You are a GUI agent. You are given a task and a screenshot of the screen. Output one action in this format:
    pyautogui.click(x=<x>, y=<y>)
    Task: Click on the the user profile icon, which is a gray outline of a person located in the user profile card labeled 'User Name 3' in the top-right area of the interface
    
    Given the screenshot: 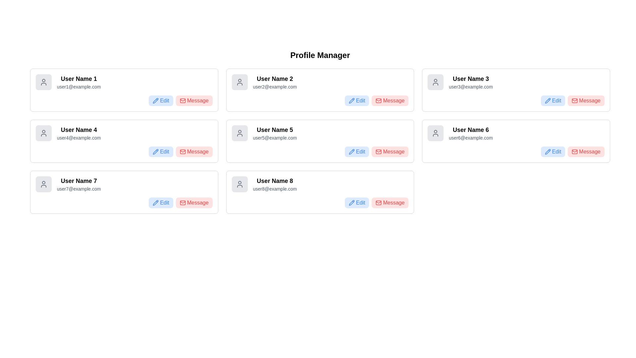 What is the action you would take?
    pyautogui.click(x=436, y=82)
    